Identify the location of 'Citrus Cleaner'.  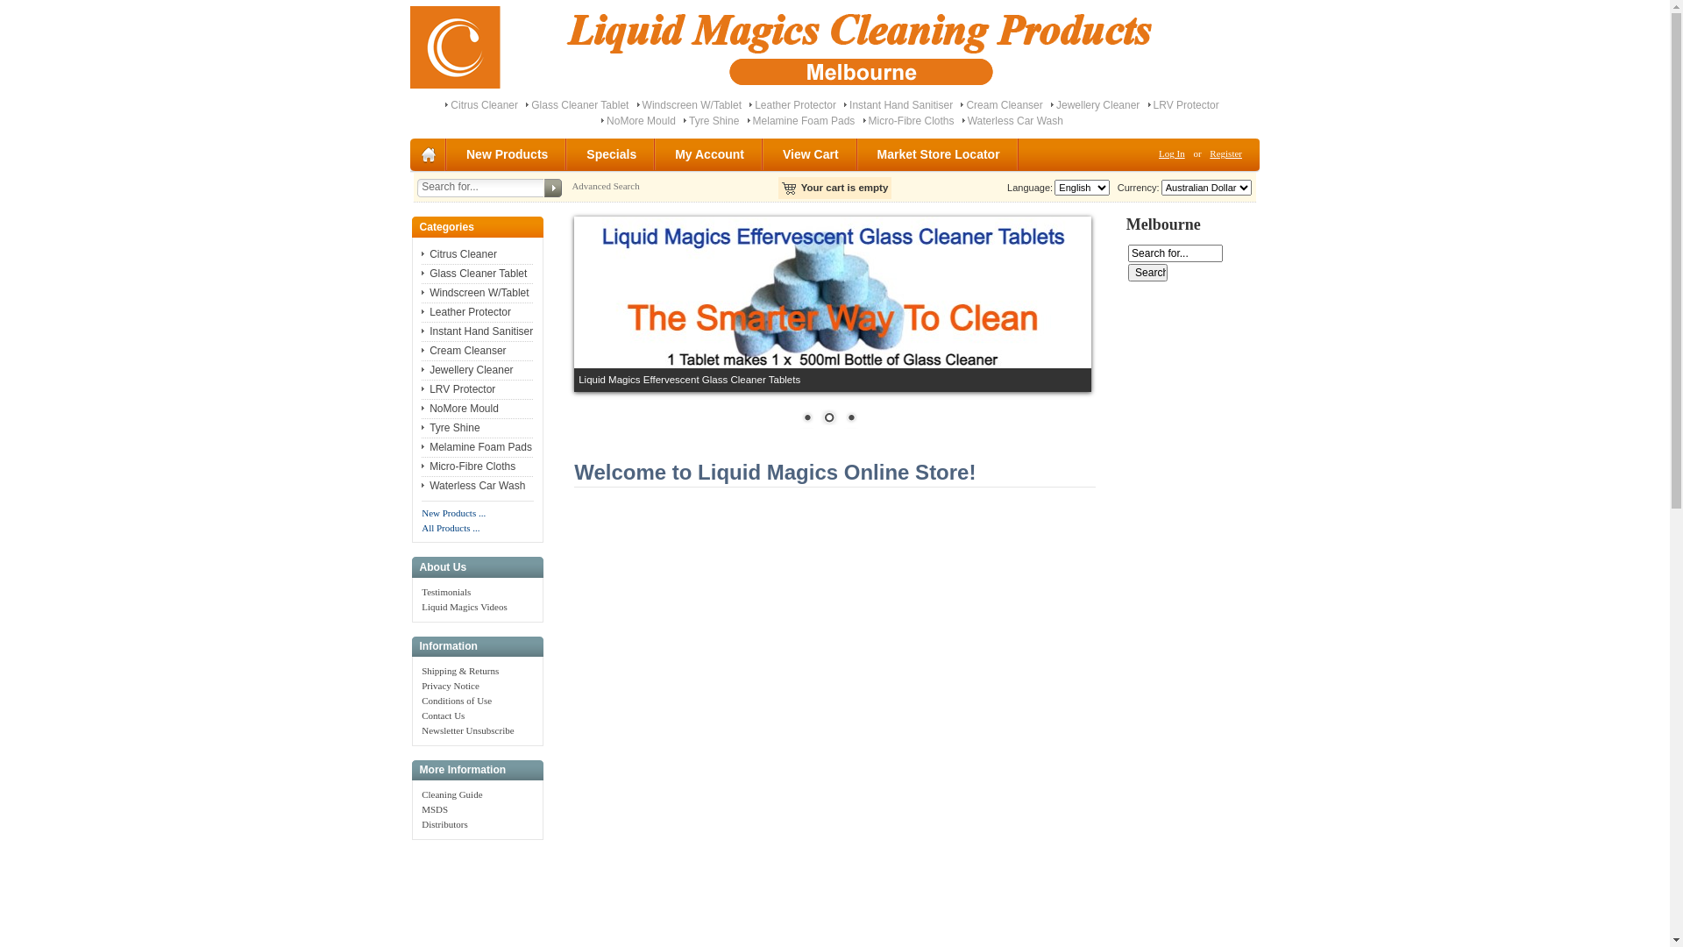
(421, 253).